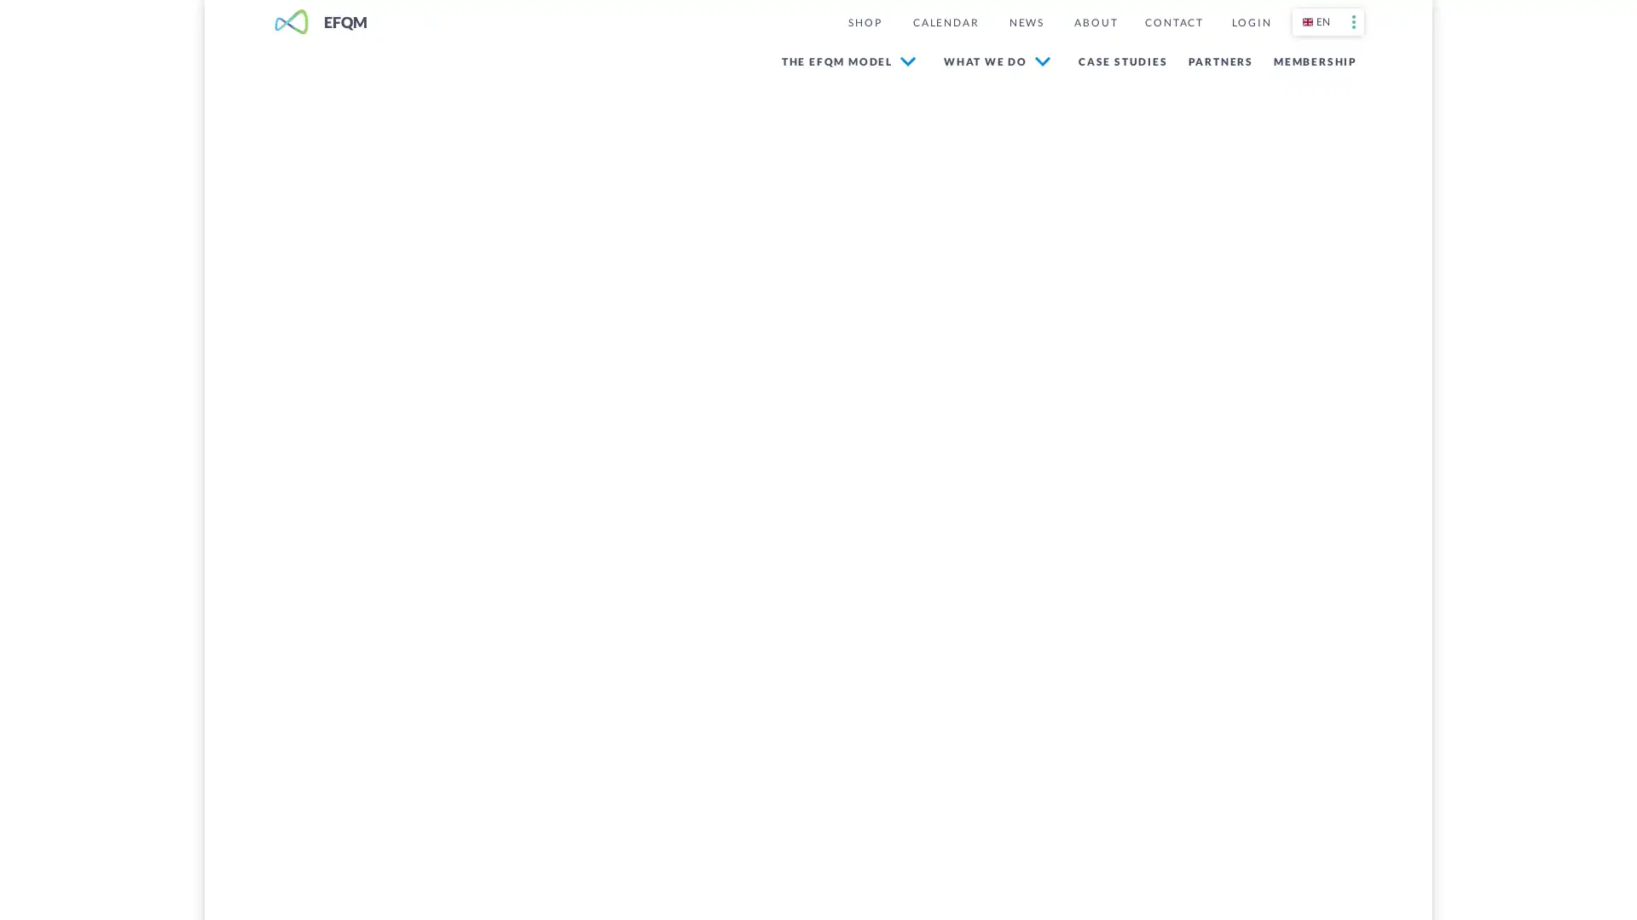 This screenshot has width=1637, height=920. I want to click on WHAT WE DO, so click(997, 60).